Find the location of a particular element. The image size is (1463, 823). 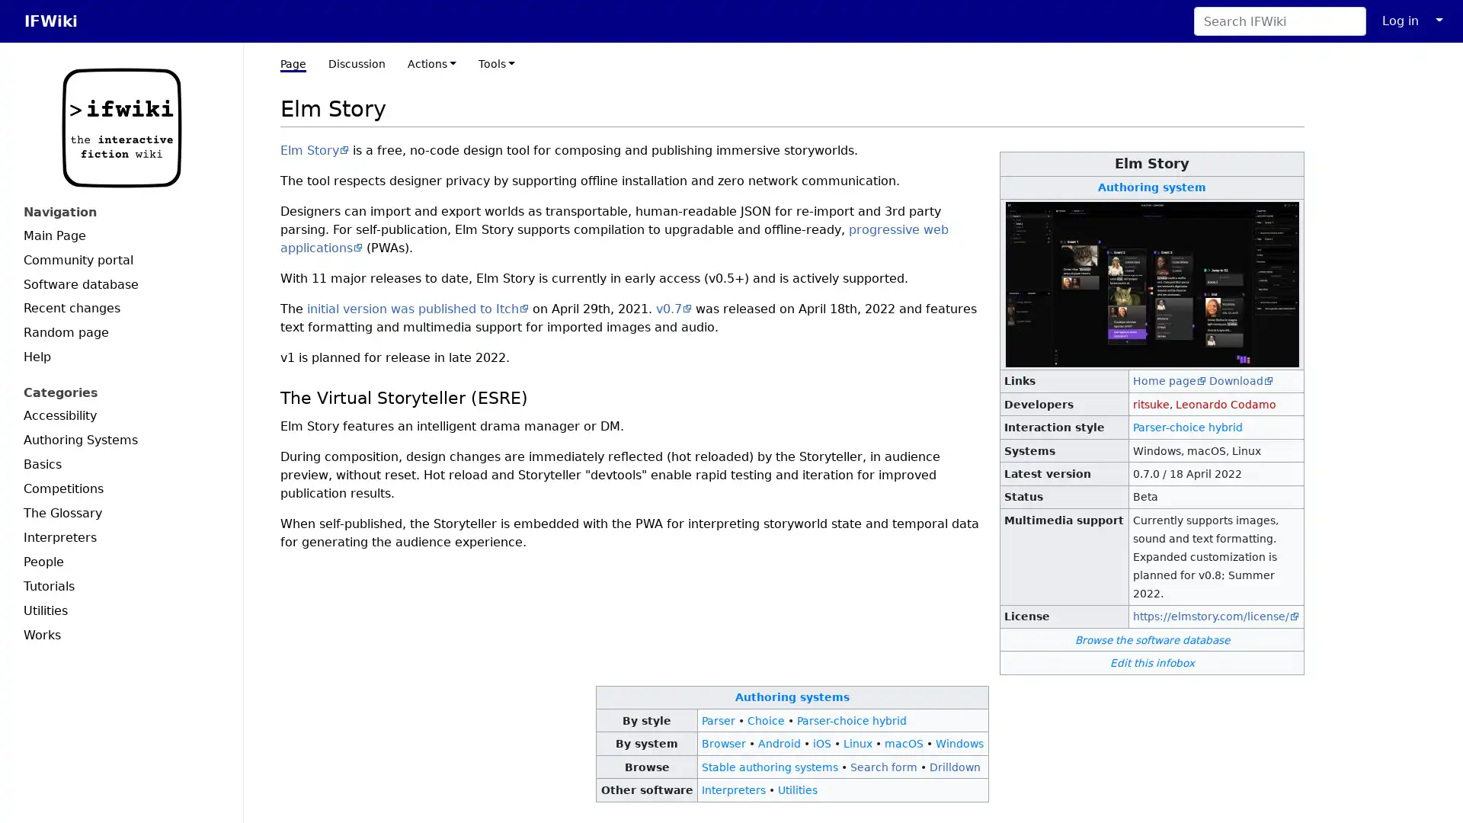

Log in is located at coordinates (1401, 21).